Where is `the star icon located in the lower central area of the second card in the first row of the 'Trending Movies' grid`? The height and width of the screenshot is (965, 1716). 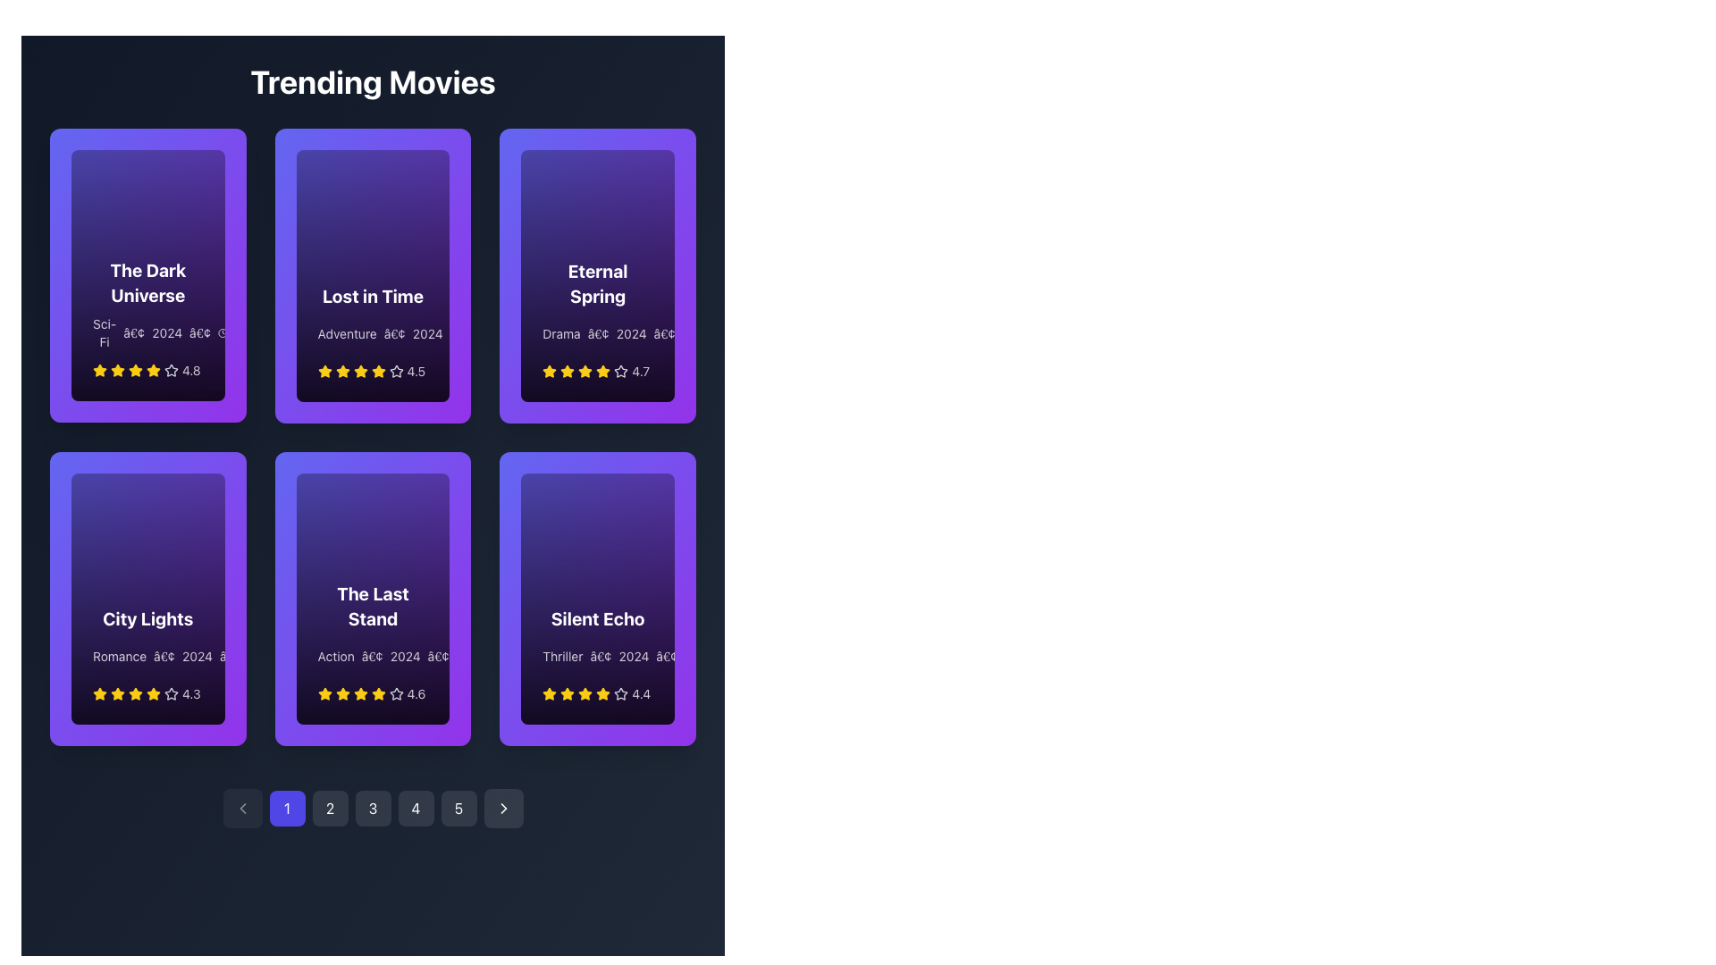
the star icon located in the lower central area of the second card in the first row of the 'Trending Movies' grid is located at coordinates (359, 370).